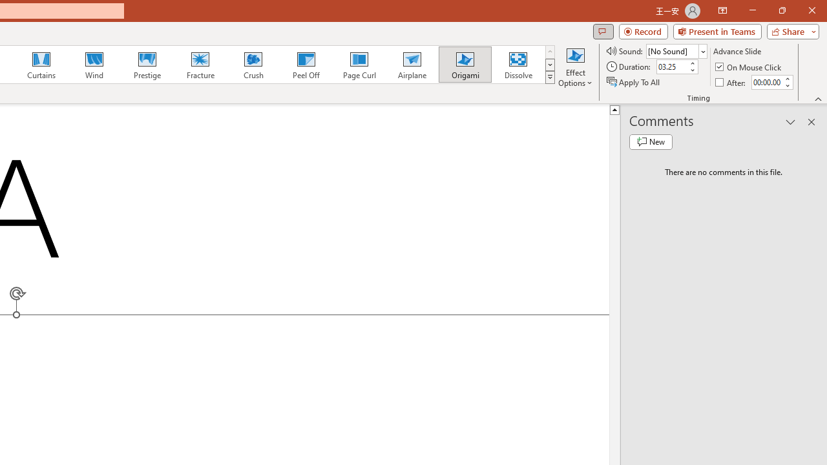 This screenshot has width=827, height=465. I want to click on 'Dissolve', so click(518, 65).